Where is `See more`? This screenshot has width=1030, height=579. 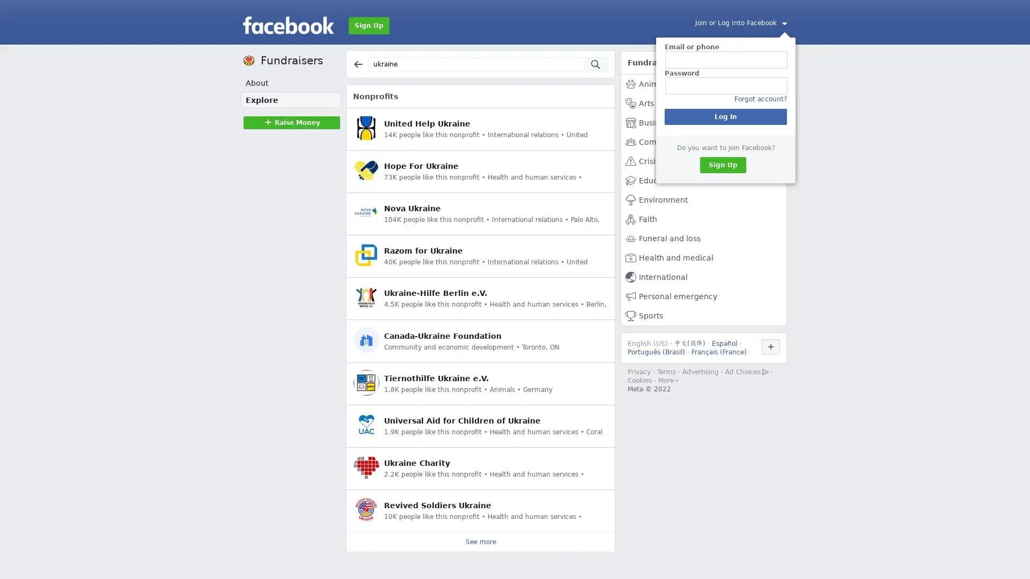 See more is located at coordinates (480, 541).